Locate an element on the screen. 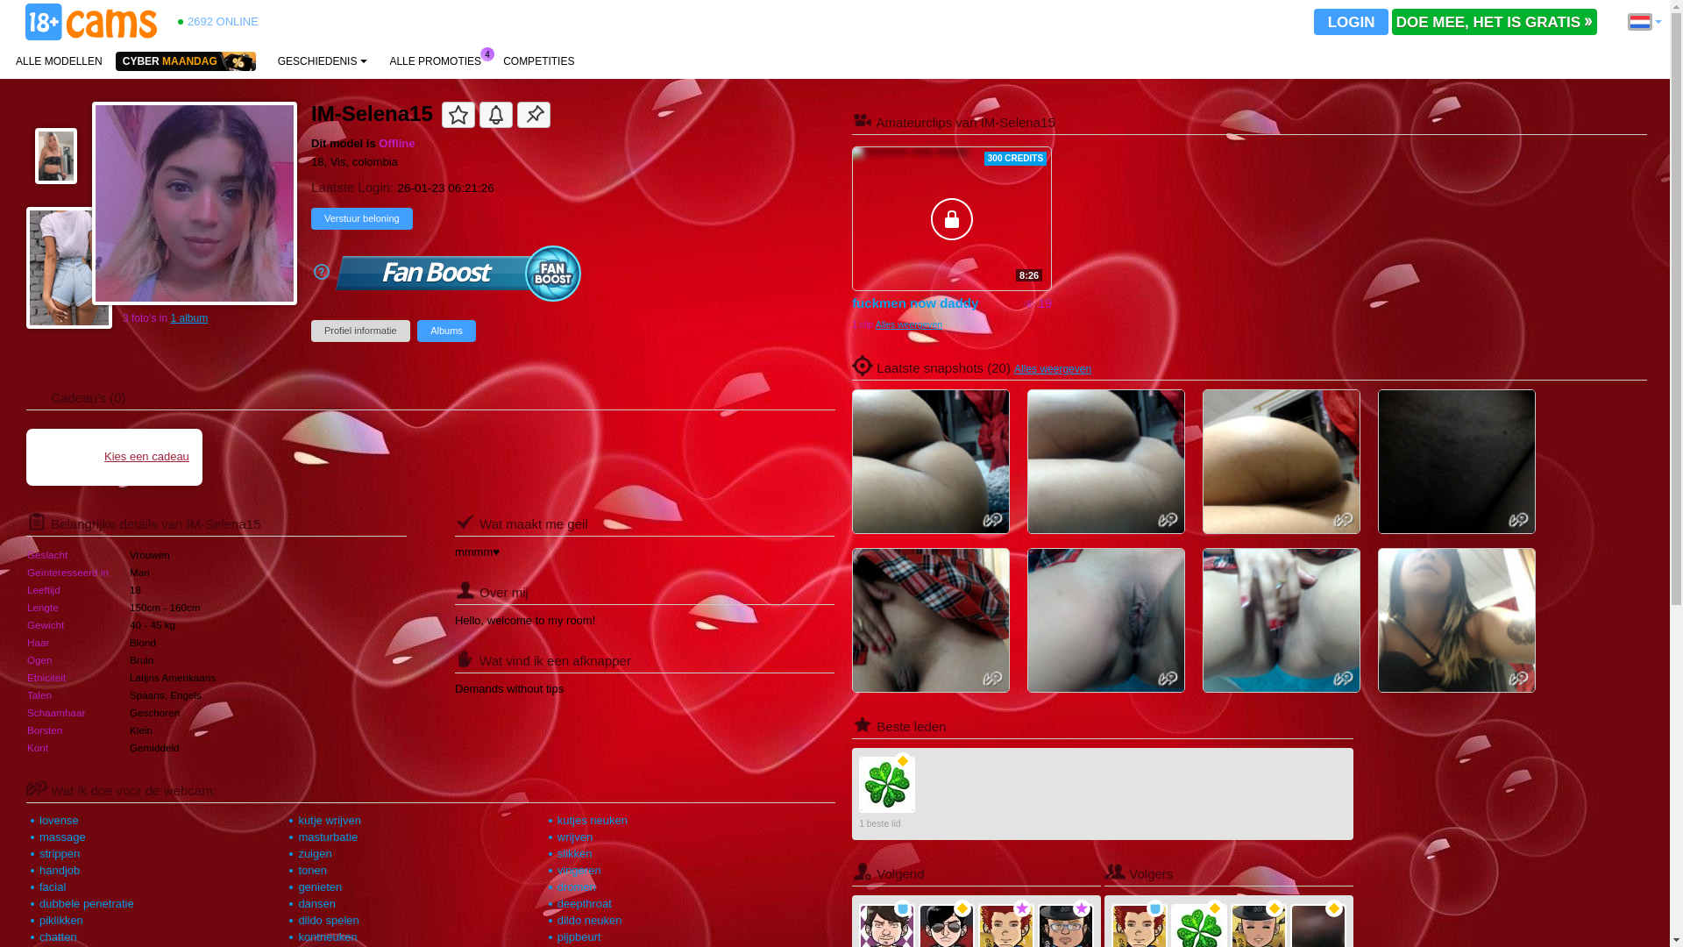 The image size is (1683, 947). 'piklikken' is located at coordinates (61, 919).